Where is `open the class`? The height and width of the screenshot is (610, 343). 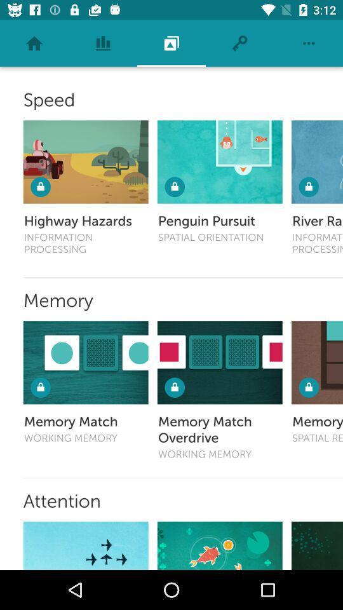 open the class is located at coordinates (316, 161).